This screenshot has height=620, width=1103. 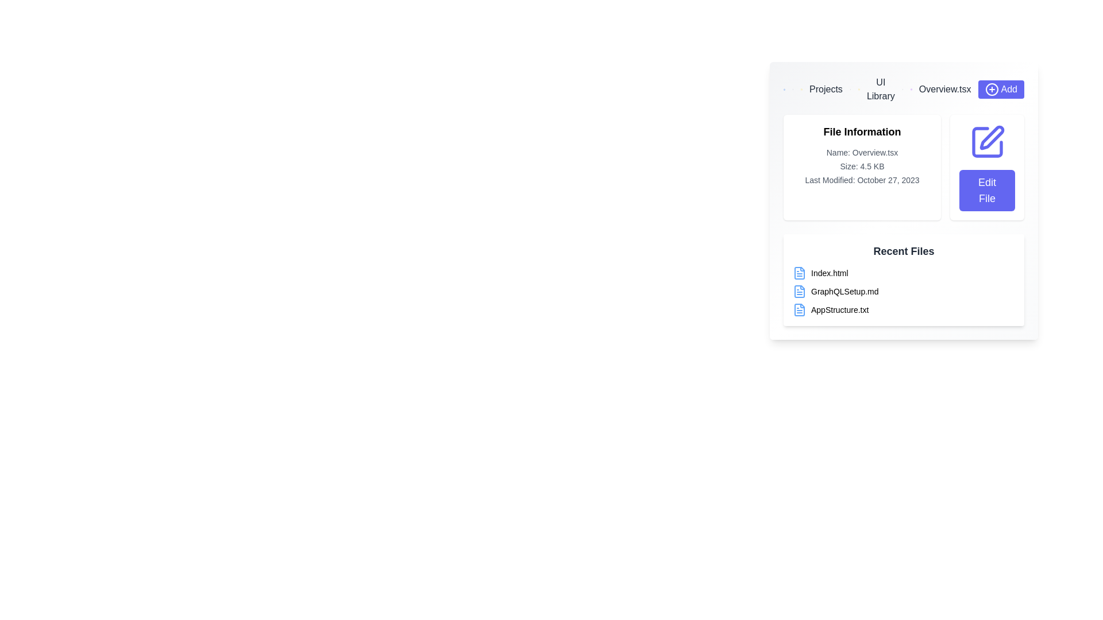 What do you see at coordinates (799, 291) in the screenshot?
I see `the blue document file icon in the 'Recent Files' section` at bounding box center [799, 291].